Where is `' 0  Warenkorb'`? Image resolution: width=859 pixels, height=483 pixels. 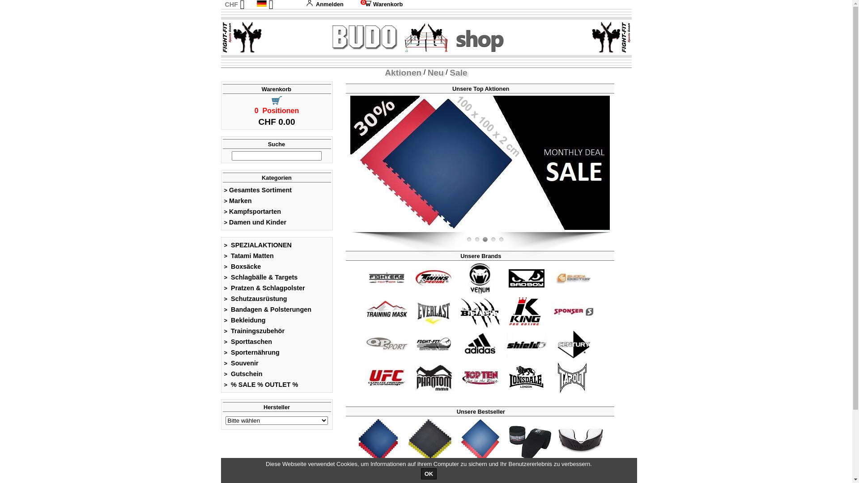
' 0  Warenkorb' is located at coordinates (356, 4).